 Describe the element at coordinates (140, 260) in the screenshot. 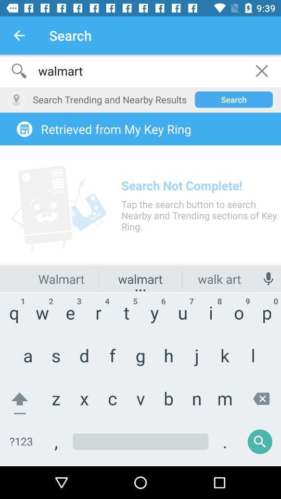

I see `search menu` at that location.